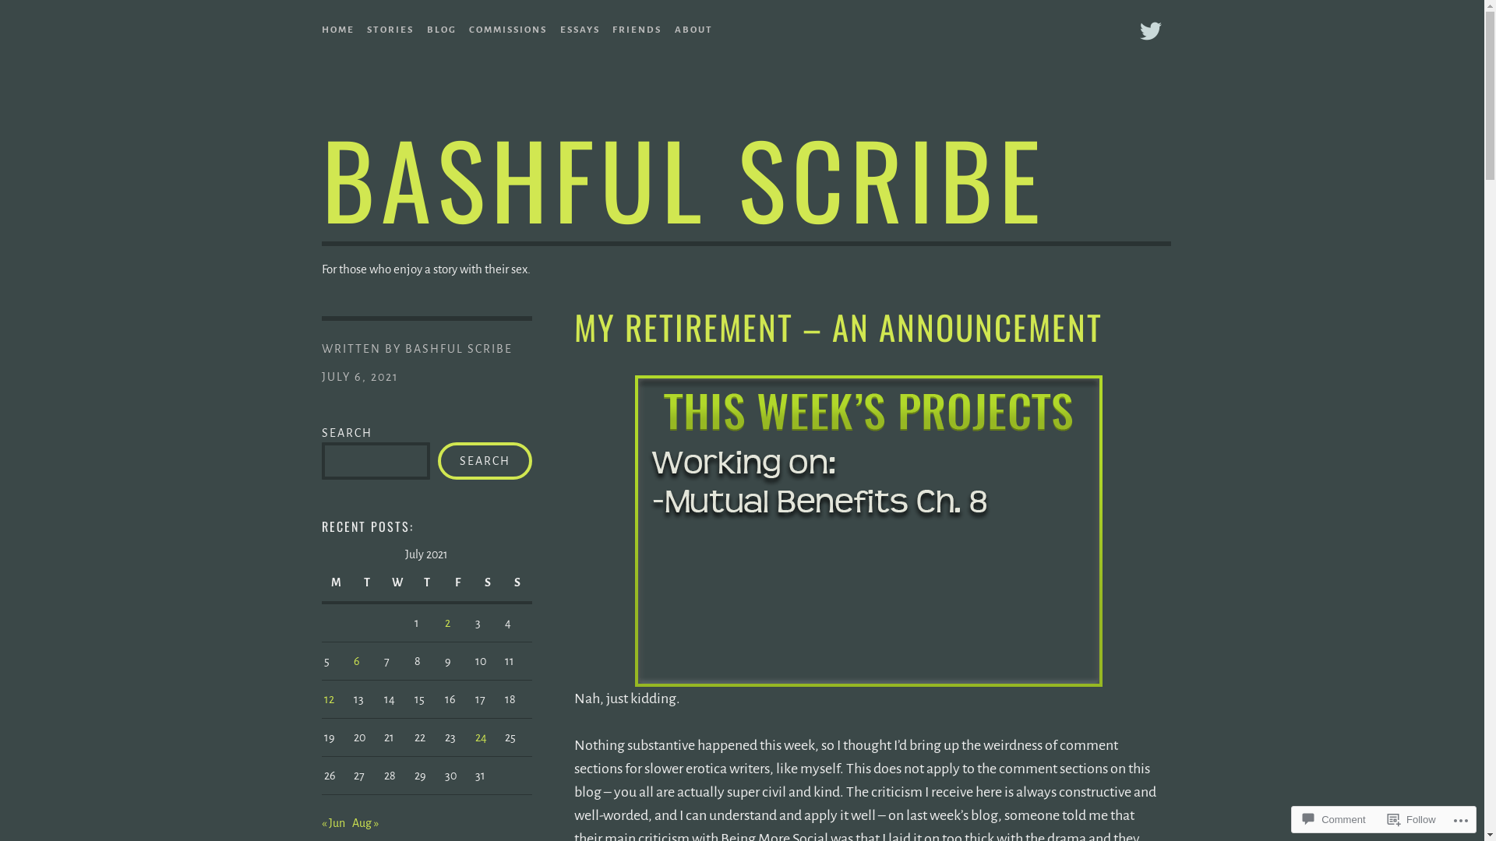 Image resolution: width=1496 pixels, height=841 pixels. I want to click on 'HOME', so click(320, 26).